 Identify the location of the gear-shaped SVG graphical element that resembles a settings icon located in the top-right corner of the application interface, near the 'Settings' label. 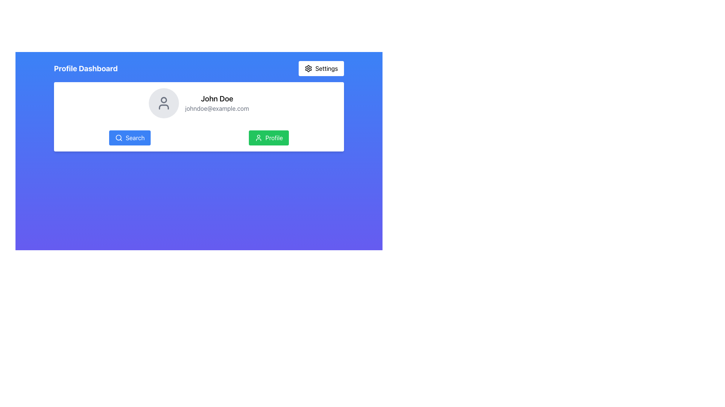
(309, 68).